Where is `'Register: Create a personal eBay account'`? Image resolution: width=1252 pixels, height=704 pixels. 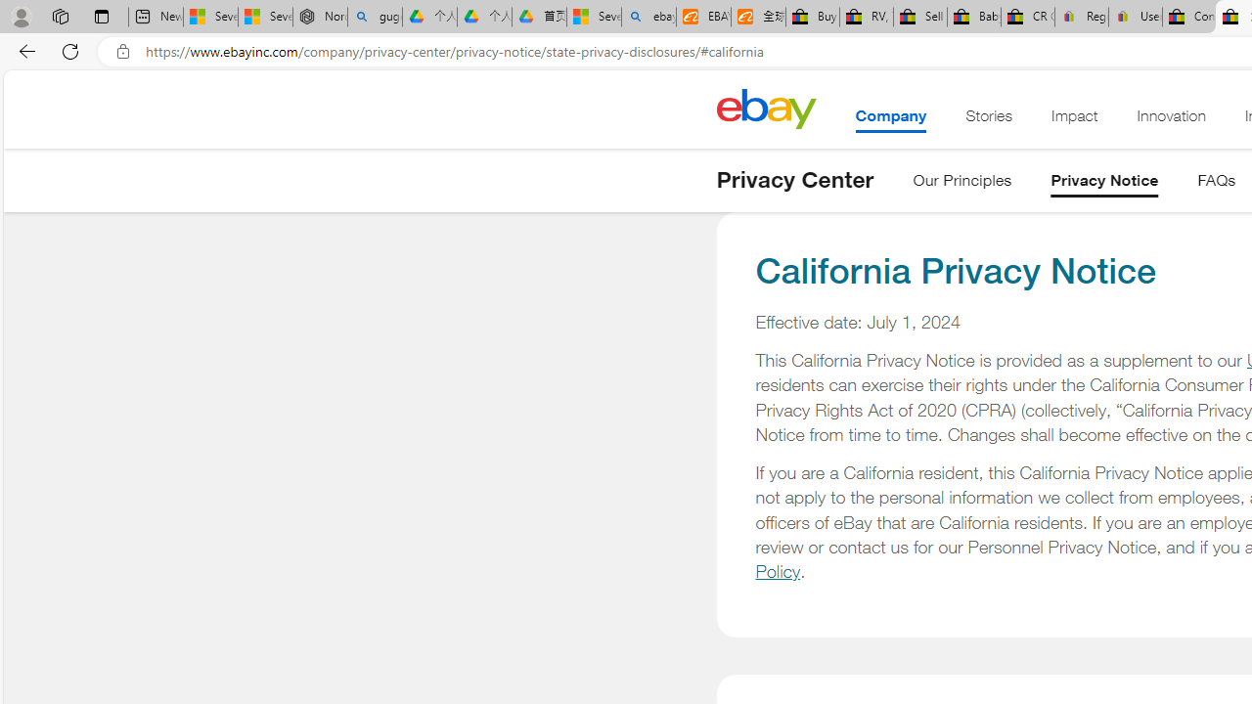 'Register: Create a personal eBay account' is located at coordinates (1080, 17).